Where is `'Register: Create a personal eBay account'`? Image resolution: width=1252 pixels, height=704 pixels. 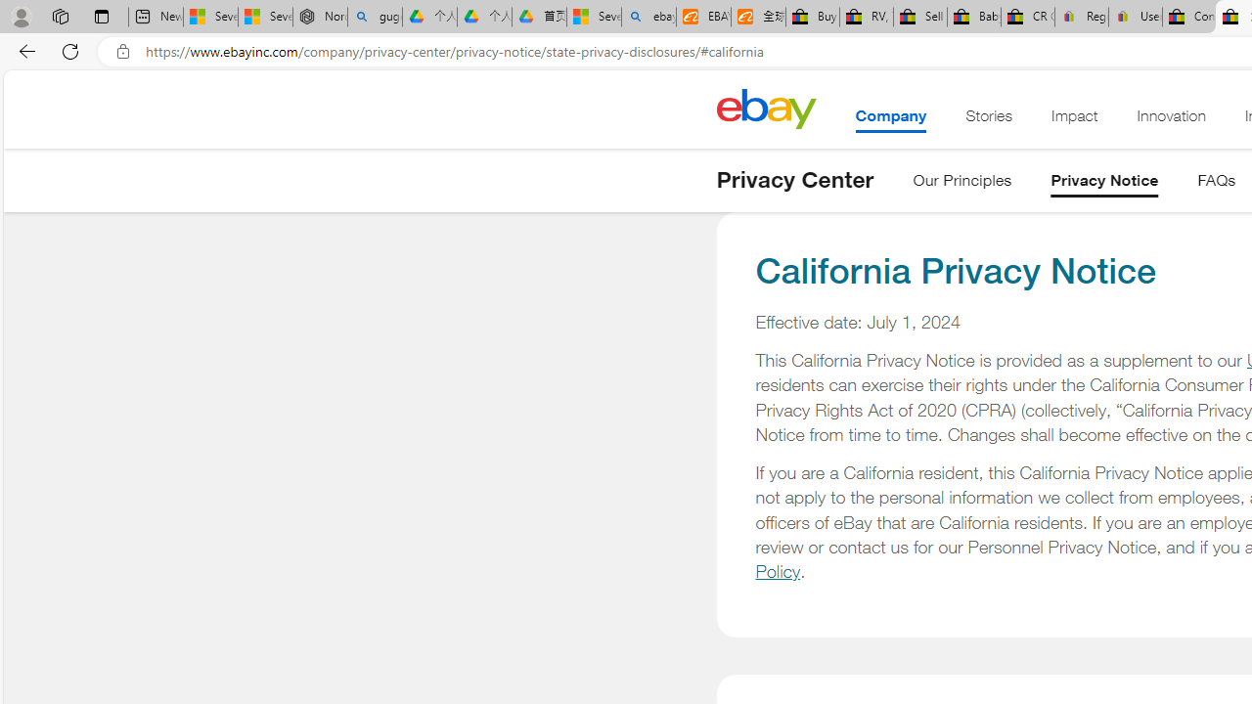 'Register: Create a personal eBay account' is located at coordinates (1080, 17).